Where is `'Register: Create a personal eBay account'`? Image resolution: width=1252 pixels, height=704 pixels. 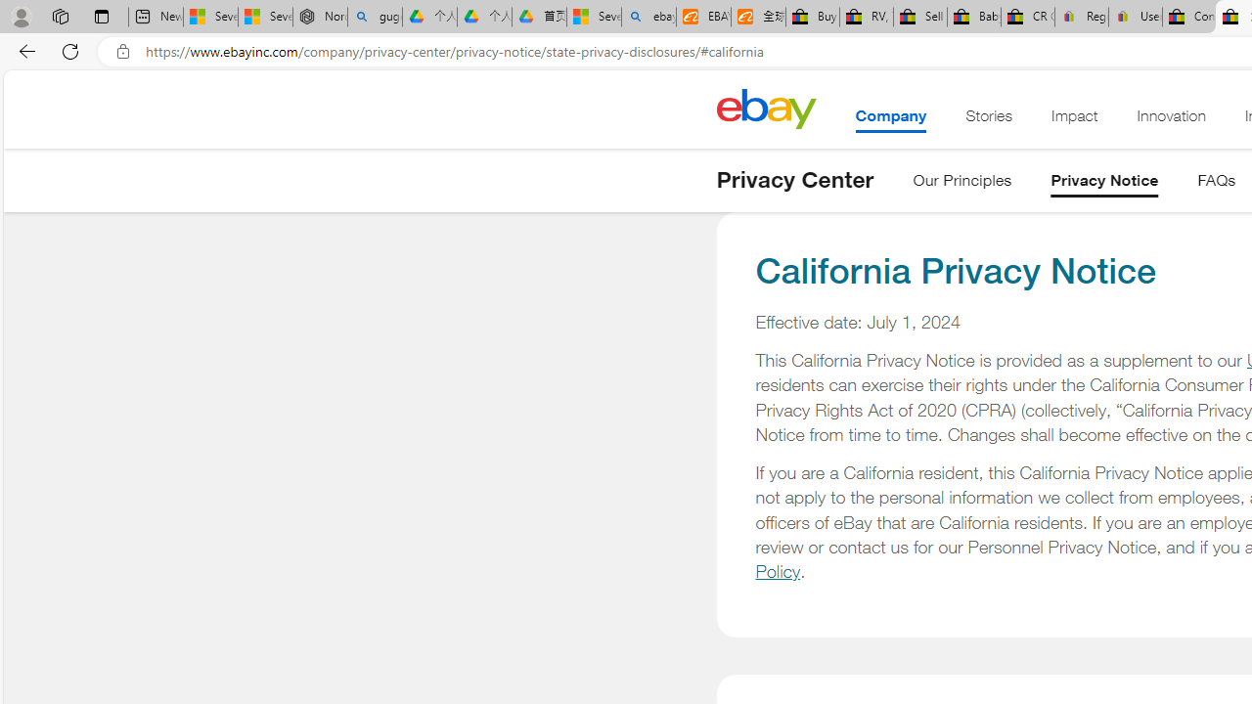 'Register: Create a personal eBay account' is located at coordinates (1080, 17).